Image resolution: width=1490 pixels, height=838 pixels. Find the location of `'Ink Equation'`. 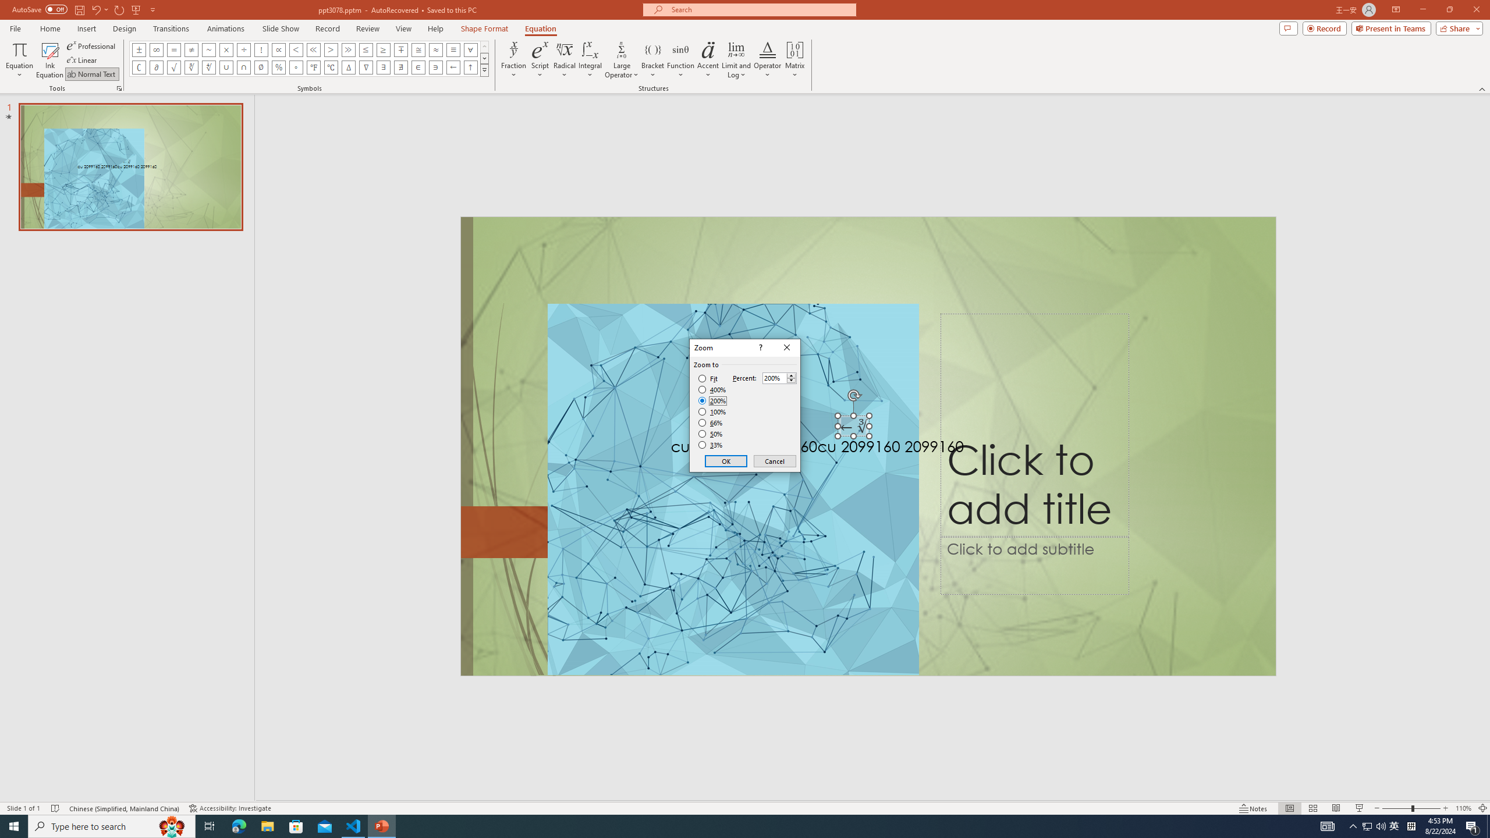

'Ink Equation' is located at coordinates (49, 60).